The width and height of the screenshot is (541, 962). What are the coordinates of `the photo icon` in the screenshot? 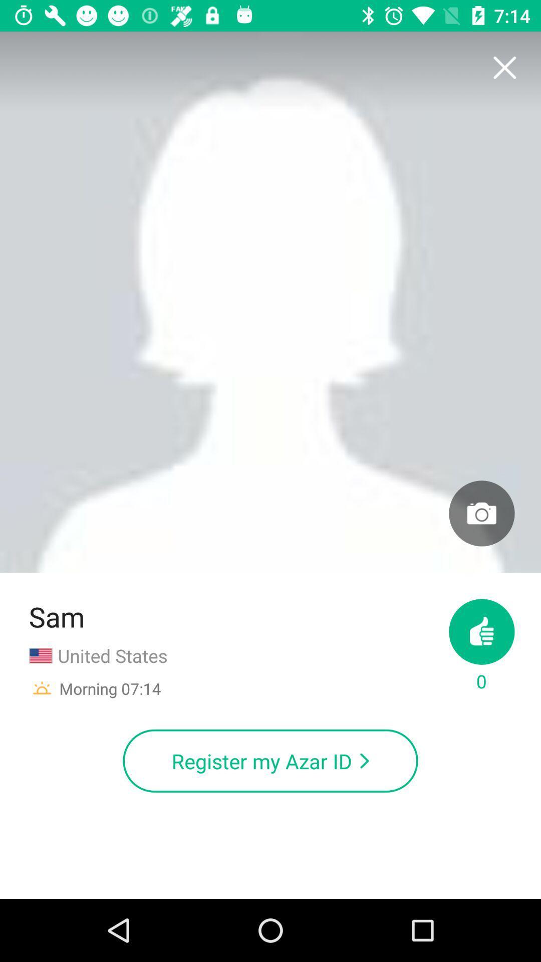 It's located at (481, 513).